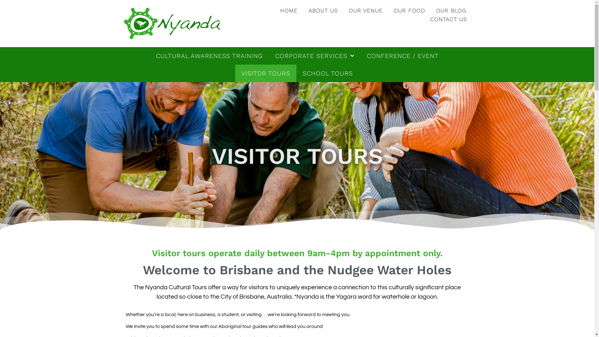  I want to click on 'OUR VENUE', so click(366, 11).